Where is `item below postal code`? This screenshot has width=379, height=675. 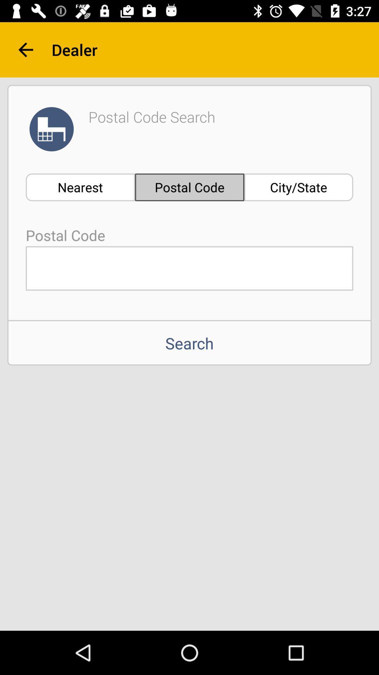 item below postal code is located at coordinates (189, 268).